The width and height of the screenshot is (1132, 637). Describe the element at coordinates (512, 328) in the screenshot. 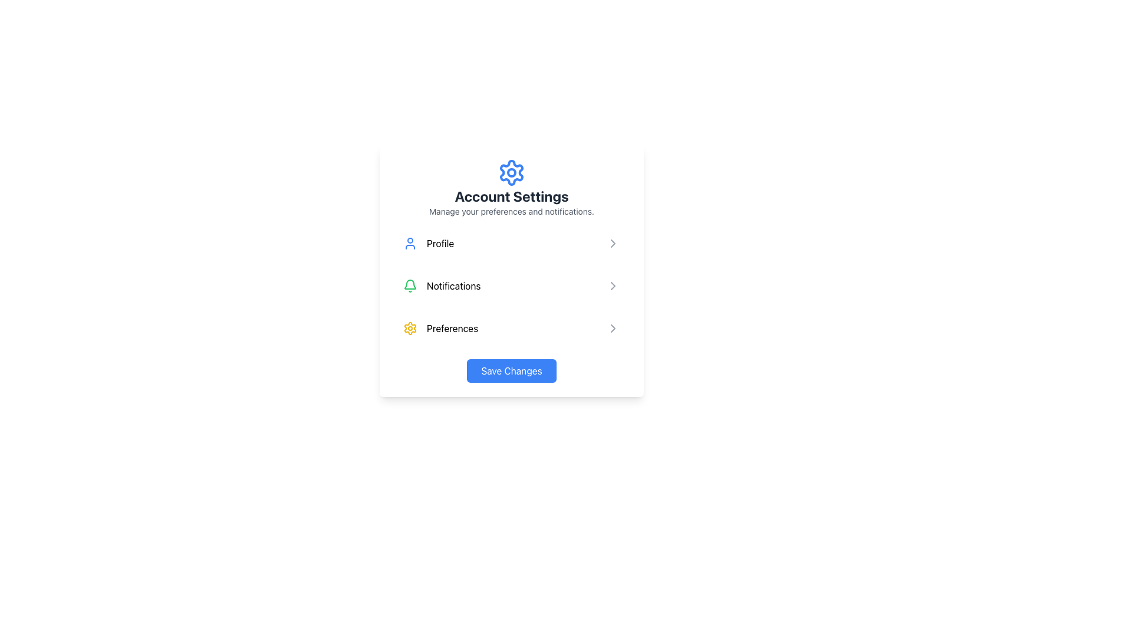

I see `the 'Preferences' navigation item` at that location.